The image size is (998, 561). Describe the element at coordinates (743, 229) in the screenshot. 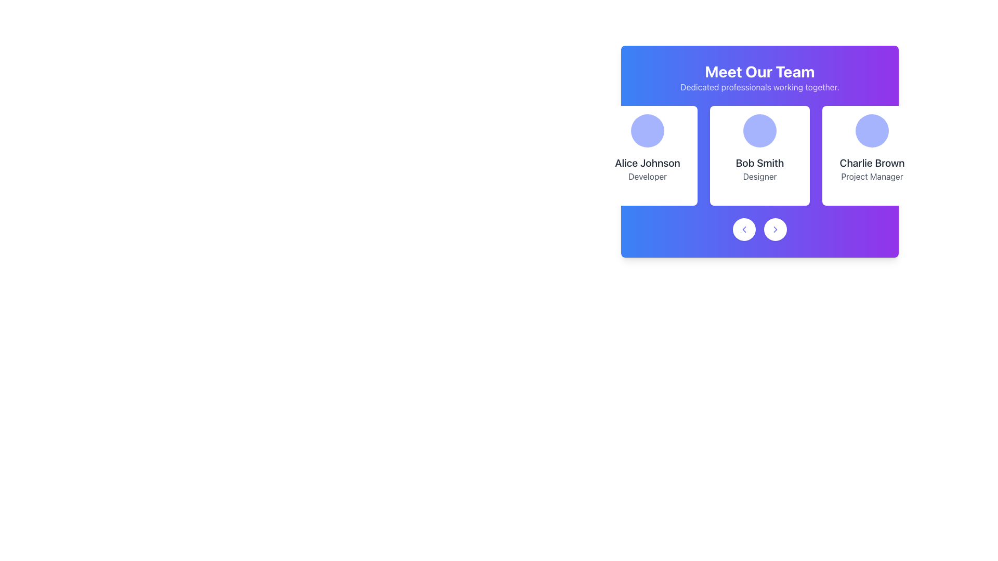

I see `the circular button with a white background and indigo left-pointing chevron icon to trigger hover effects` at that location.